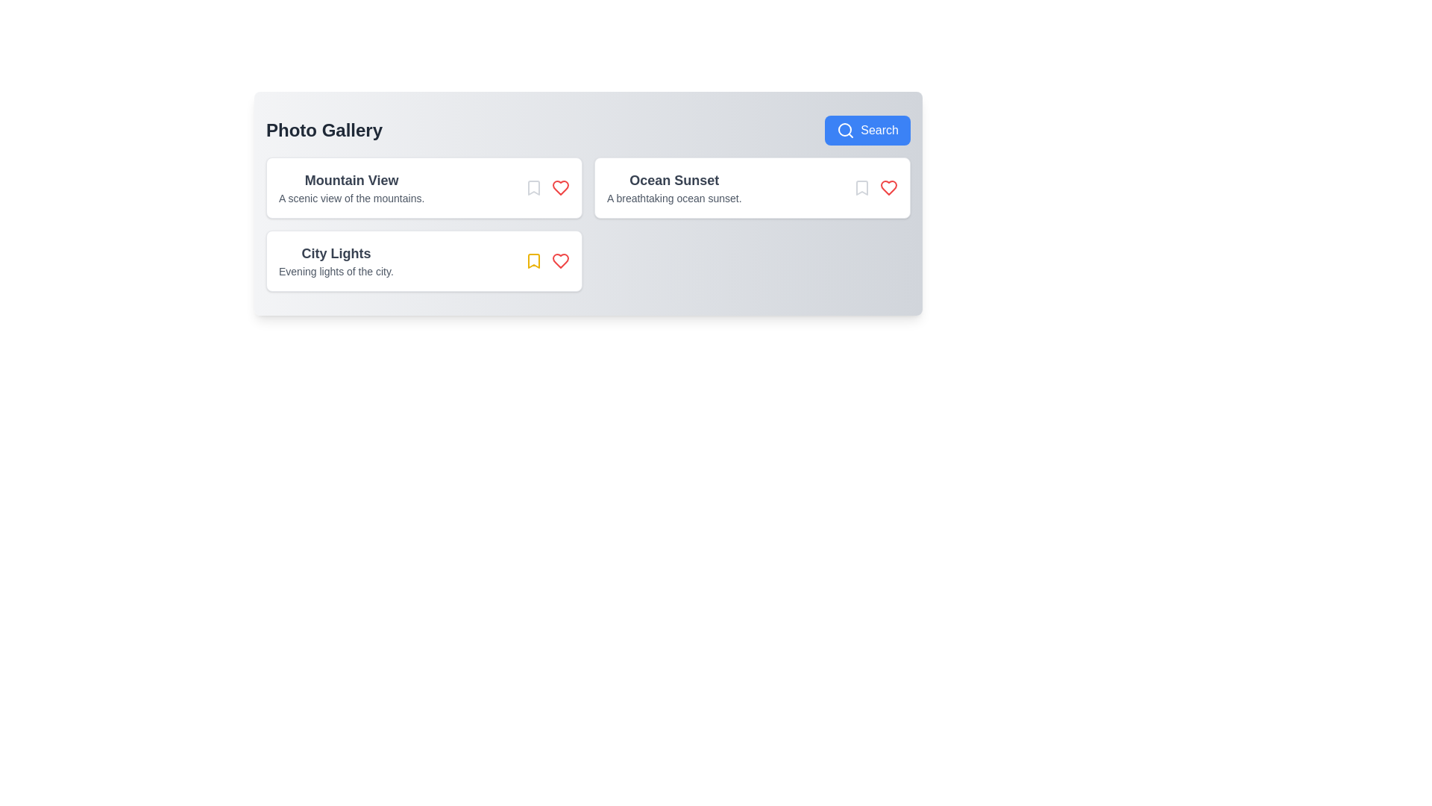 The height and width of the screenshot is (806, 1432). I want to click on the search button in the PhotogalleryViewer component, so click(867, 129).